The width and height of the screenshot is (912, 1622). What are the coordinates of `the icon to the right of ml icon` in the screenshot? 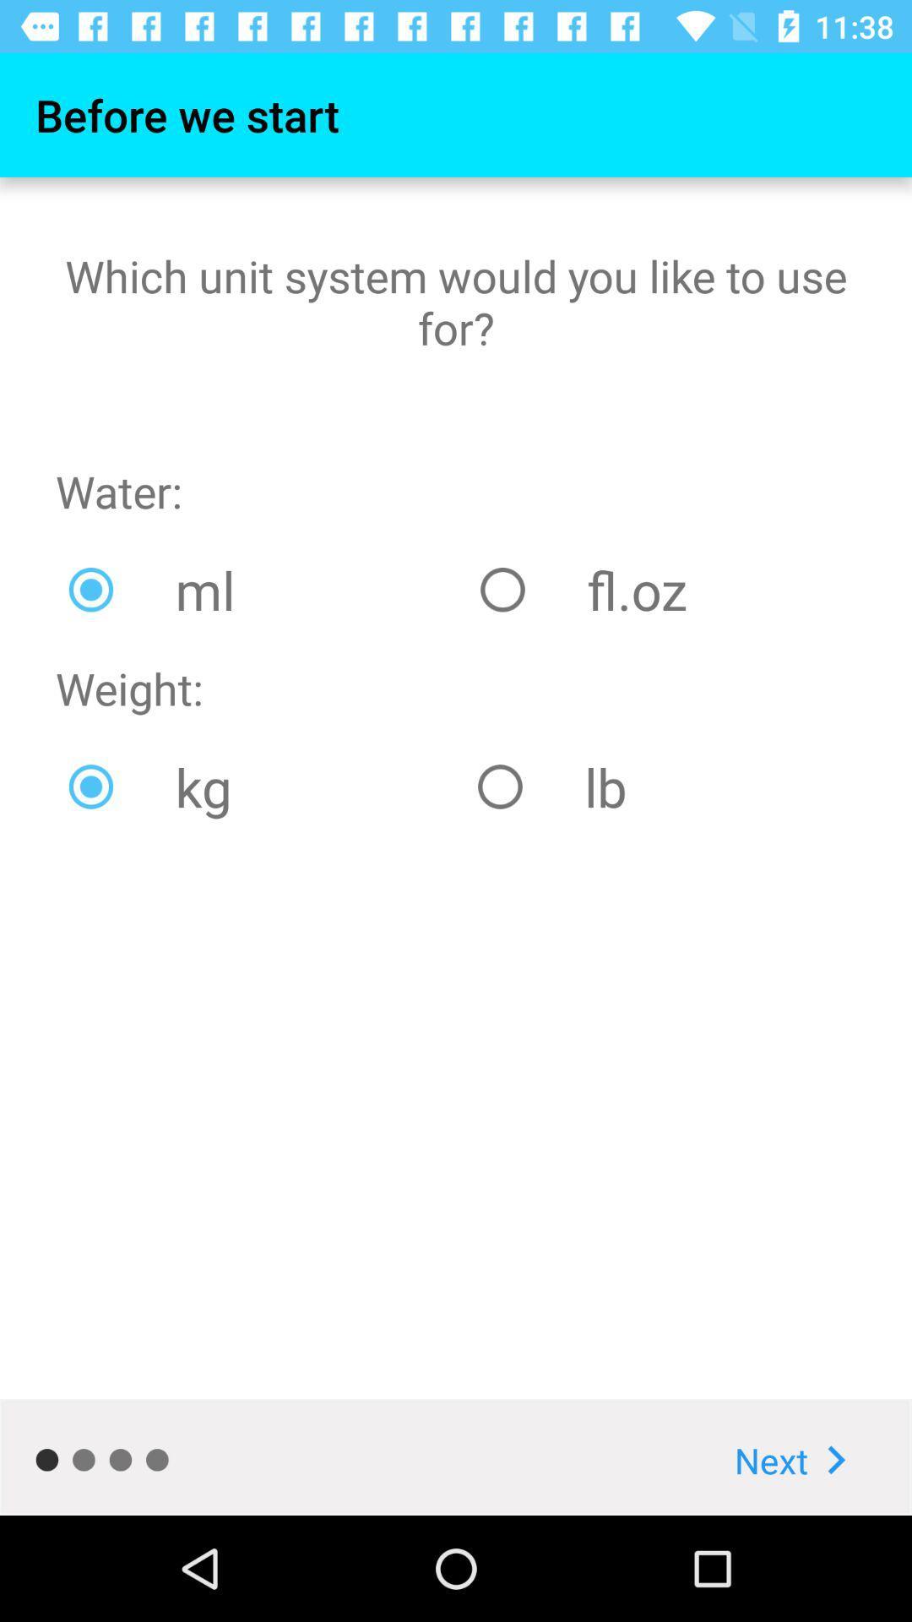 It's located at (660, 590).